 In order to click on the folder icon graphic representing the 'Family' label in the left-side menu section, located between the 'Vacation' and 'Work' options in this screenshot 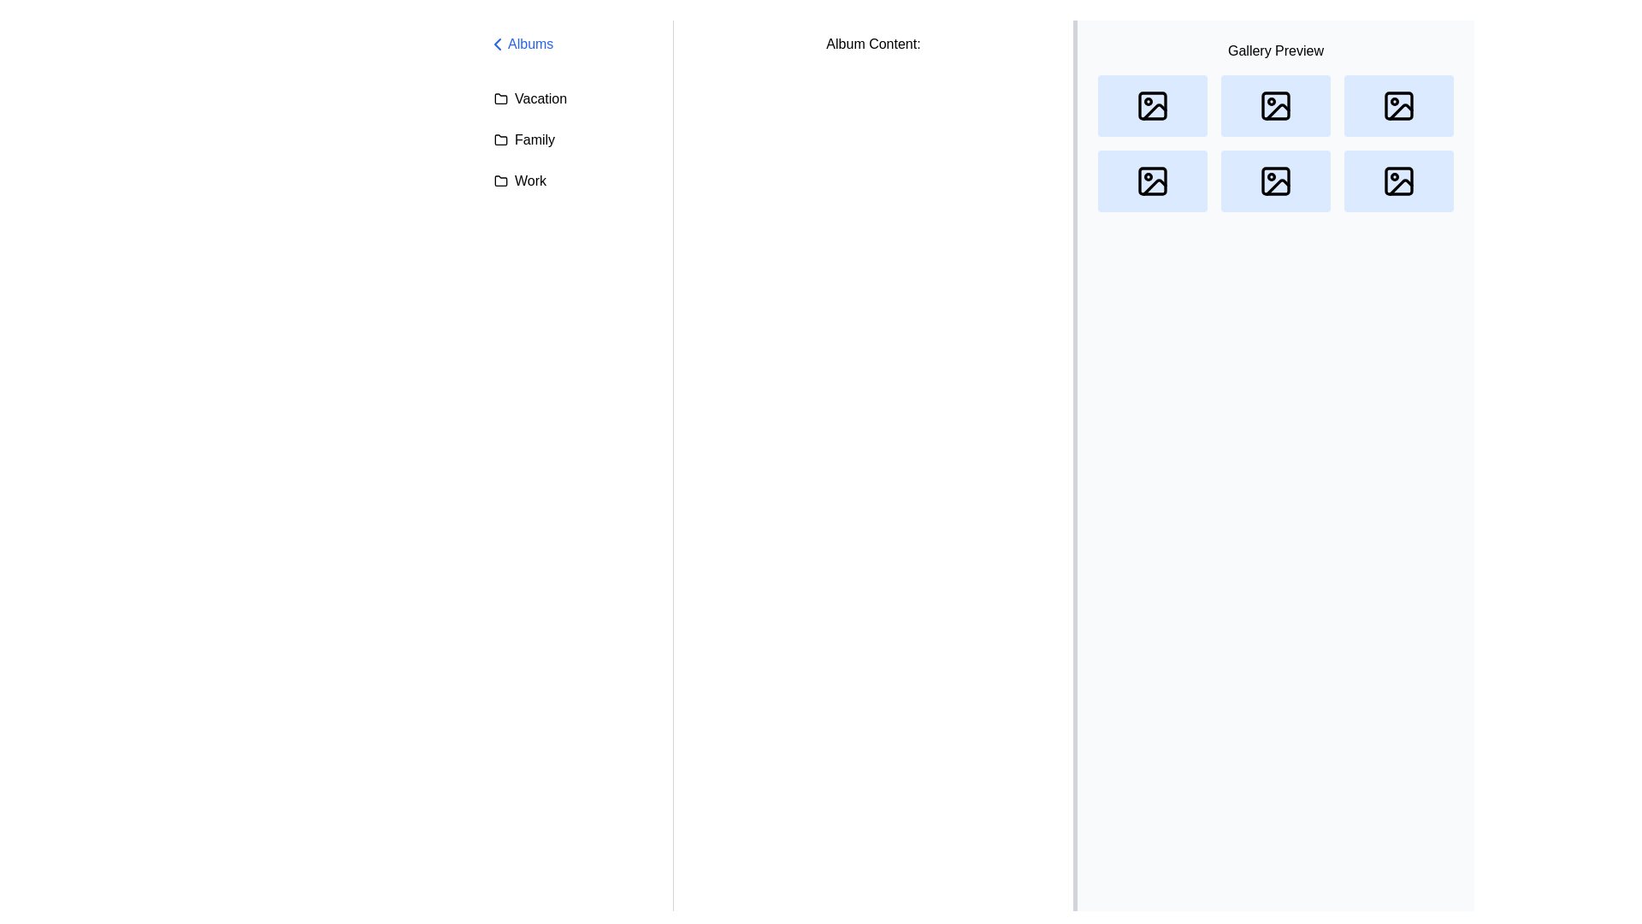, I will do `click(499, 138)`.